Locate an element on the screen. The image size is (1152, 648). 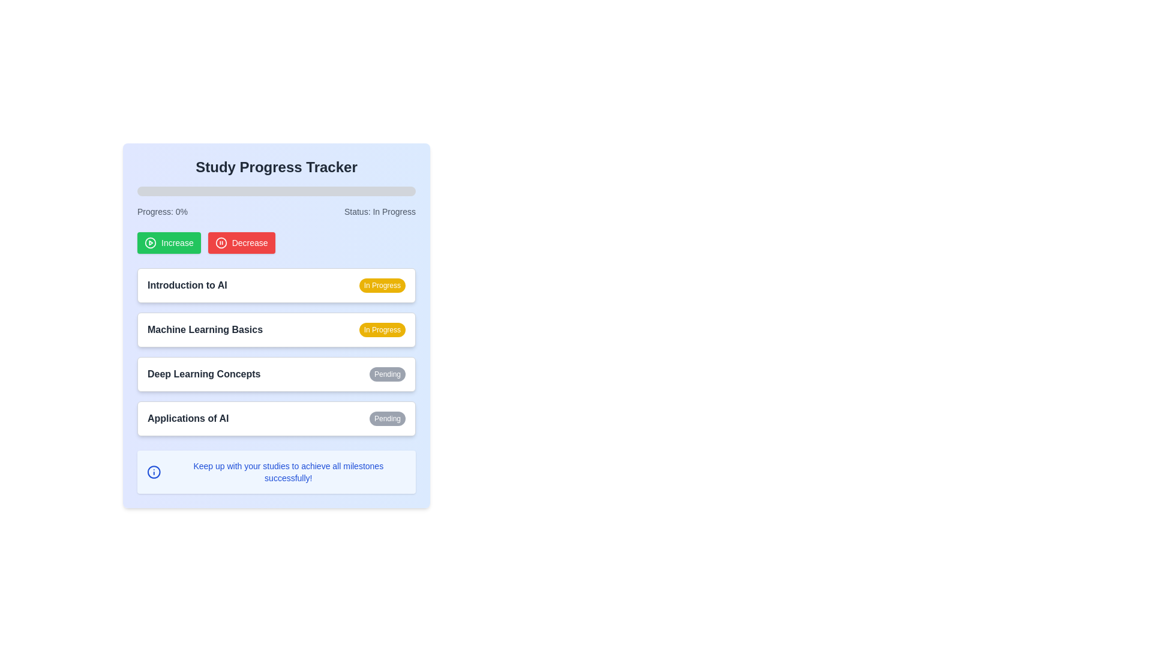
the text block that contains the message 'Keep up with your studies to achieve all milestones successfully!' styled in small blue font, located at the lower section of the interface is located at coordinates (288, 471).